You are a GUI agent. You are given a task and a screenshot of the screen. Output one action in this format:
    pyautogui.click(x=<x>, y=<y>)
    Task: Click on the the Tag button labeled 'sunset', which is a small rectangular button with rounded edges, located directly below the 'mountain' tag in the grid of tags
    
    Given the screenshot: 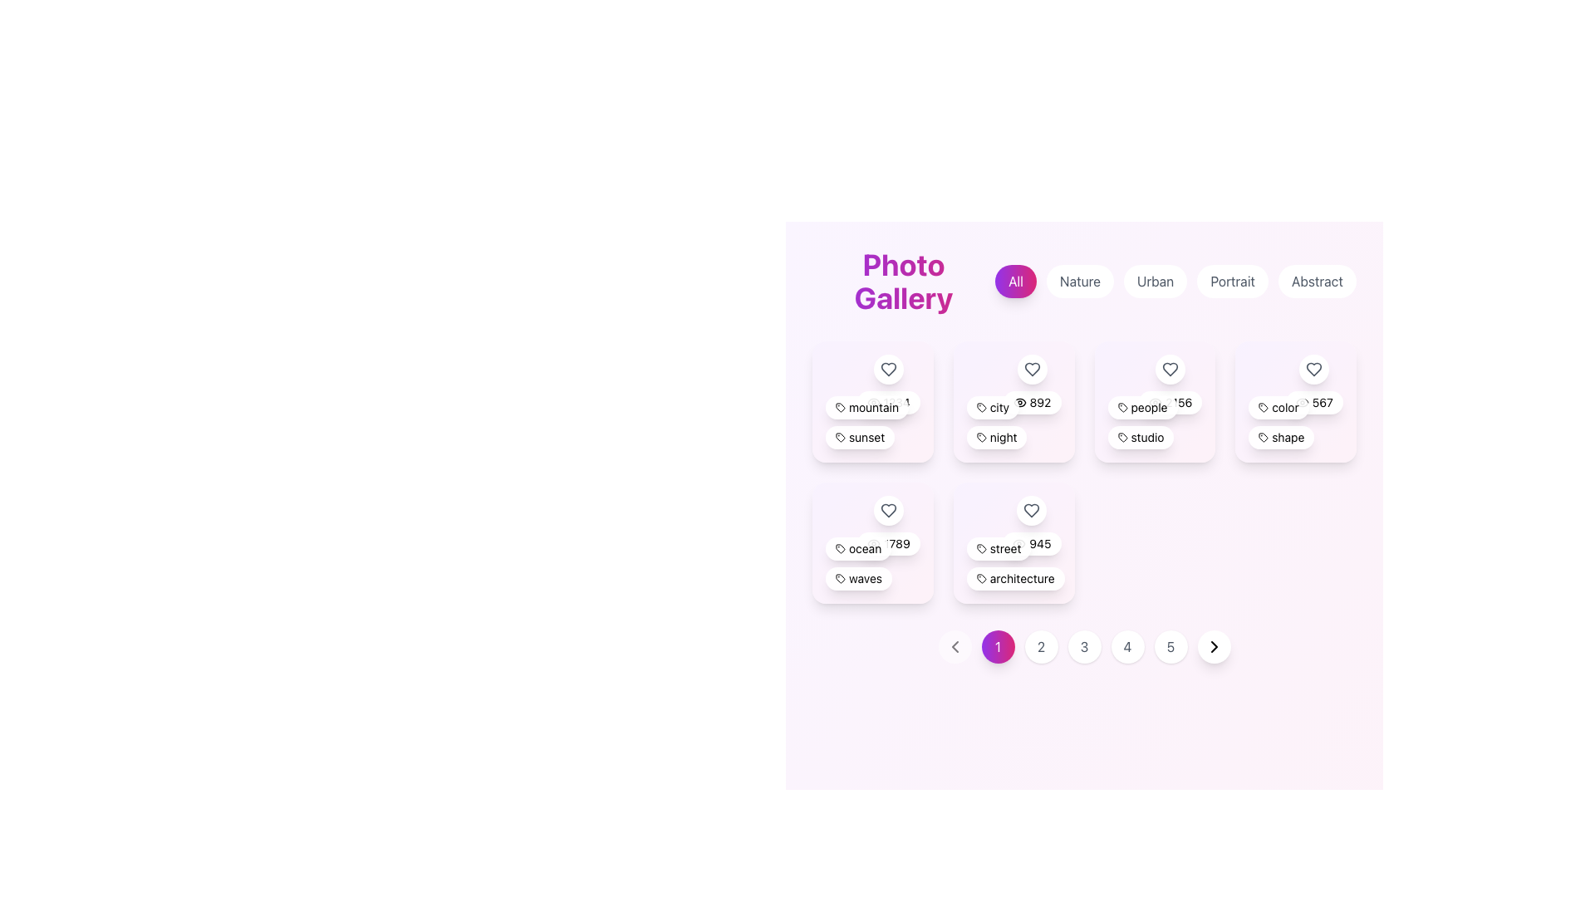 What is the action you would take?
    pyautogui.click(x=860, y=436)
    